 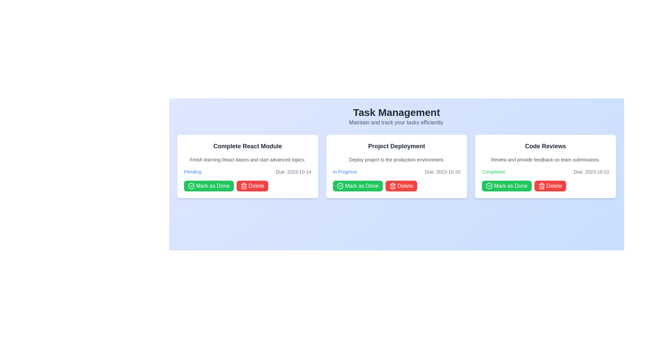 I want to click on the 'Delete' text label that is part of the button with a bold white font on a red background, located within the 'Code Reviews' task card, so click(x=554, y=186).